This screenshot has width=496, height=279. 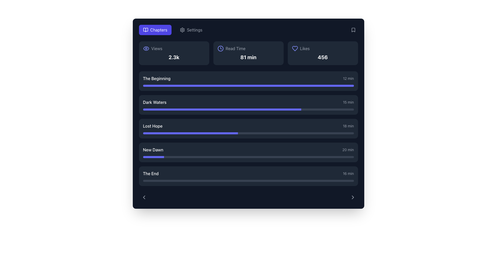 What do you see at coordinates (348, 102) in the screenshot?
I see `the static text element displaying '15 min', which is styled with a small font size and gray color, located at the far right end of the row labeled 'Dark Waters'` at bounding box center [348, 102].